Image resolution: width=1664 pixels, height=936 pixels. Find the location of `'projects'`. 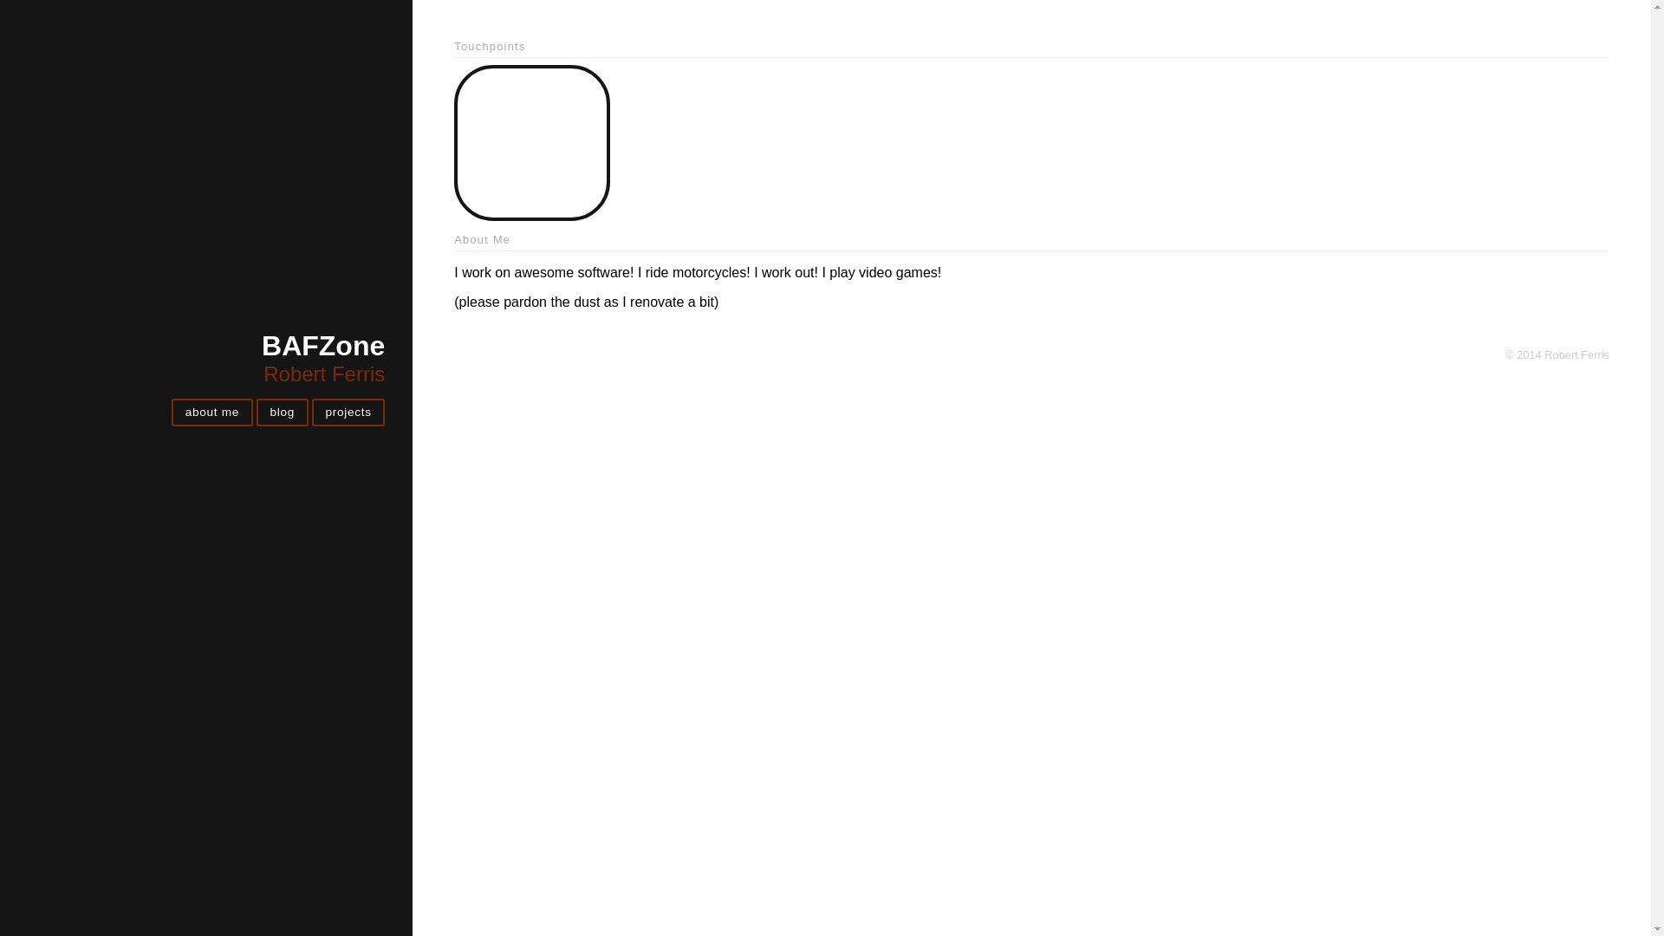

'projects' is located at coordinates (348, 413).